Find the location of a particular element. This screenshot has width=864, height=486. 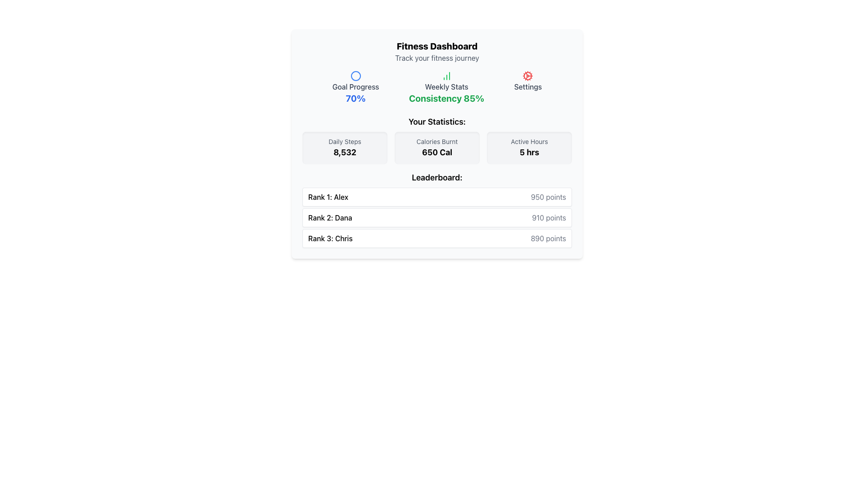

a specific entry in the Leaderboard, which displays the rankings and scores of participants, located below 'Your Statistics:' in the central panel of the dashboard is located at coordinates (437, 210).